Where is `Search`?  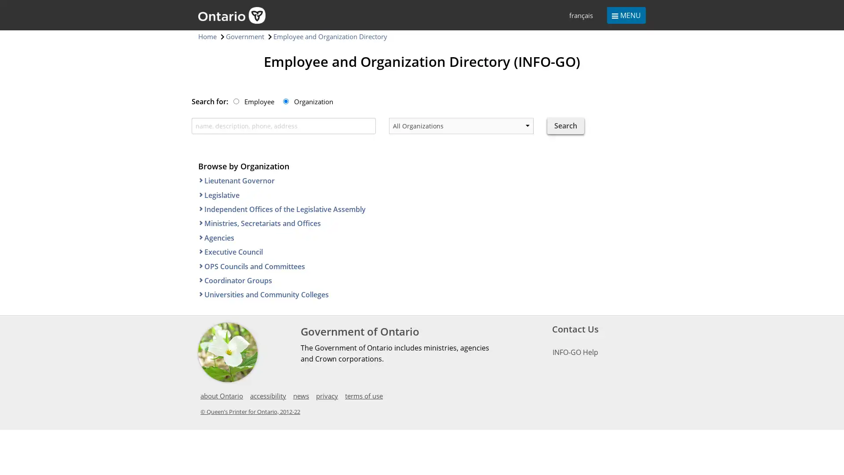
Search is located at coordinates (565, 125).